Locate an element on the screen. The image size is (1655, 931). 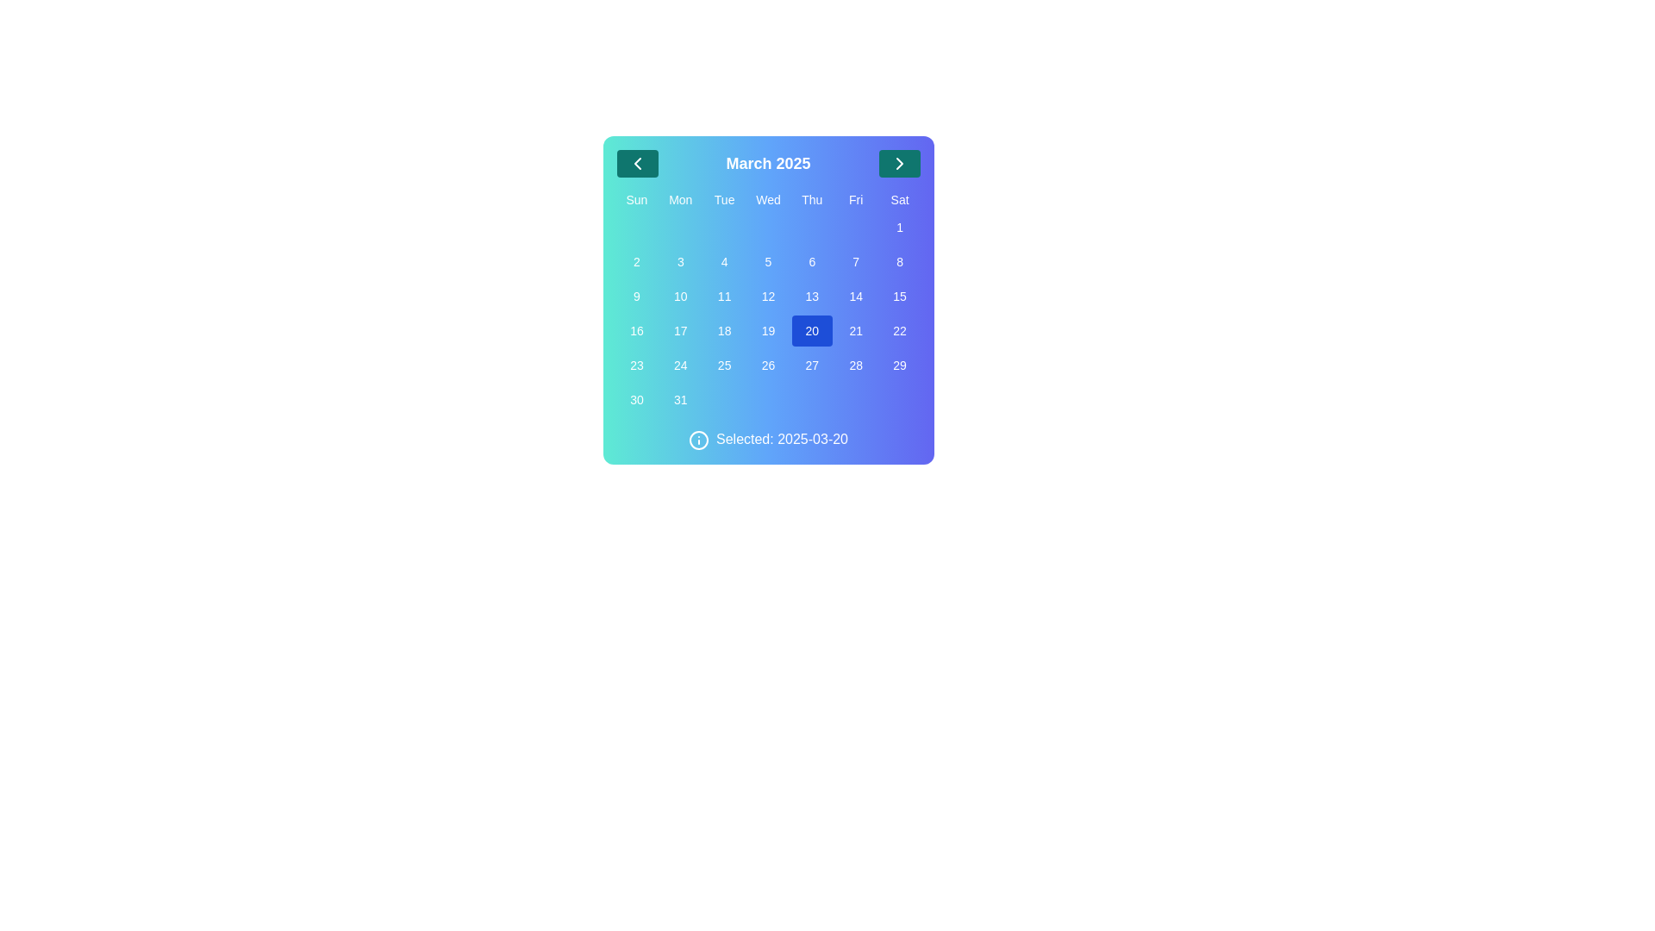
the Text label displaying 'Thu', which is part of the weekly header in the calendar component, positioned between 'Wed' and 'Fri' is located at coordinates (811, 198).